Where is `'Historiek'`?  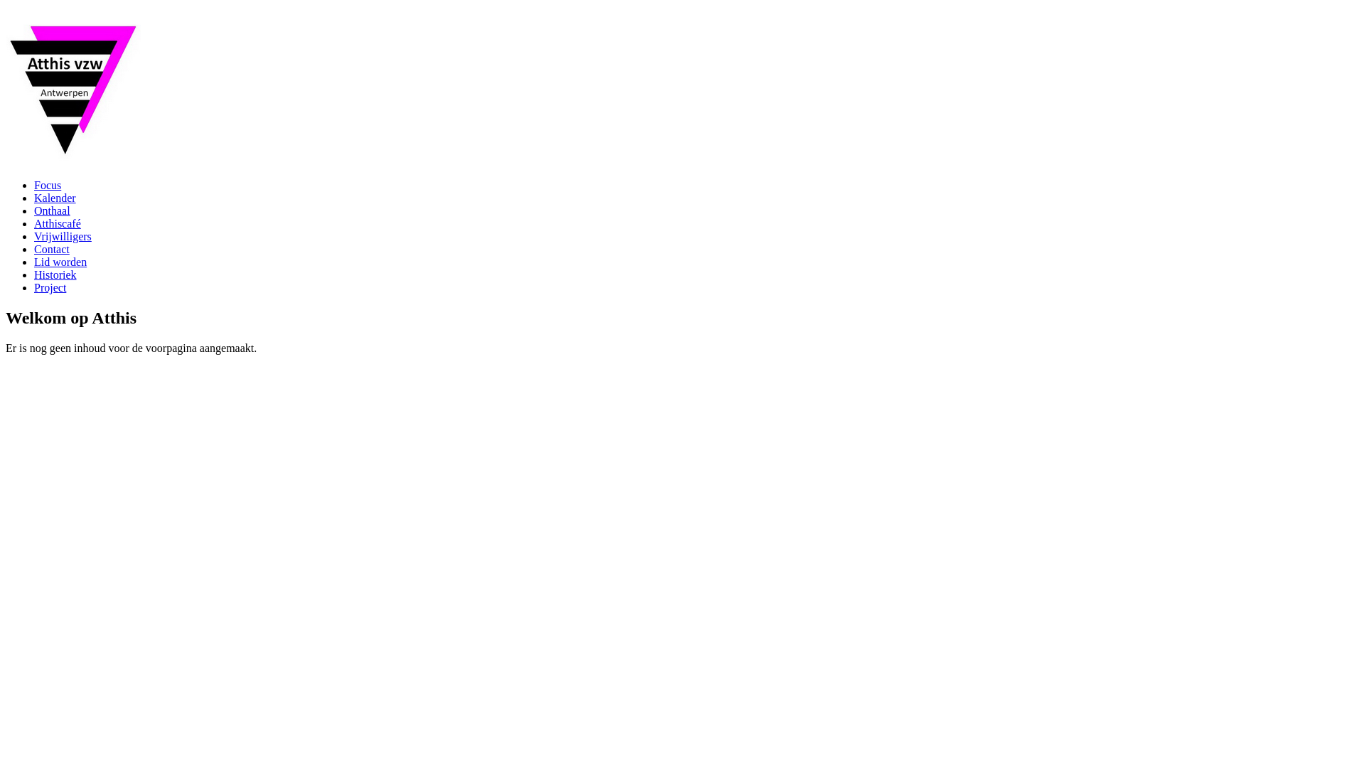 'Historiek' is located at coordinates (34, 274).